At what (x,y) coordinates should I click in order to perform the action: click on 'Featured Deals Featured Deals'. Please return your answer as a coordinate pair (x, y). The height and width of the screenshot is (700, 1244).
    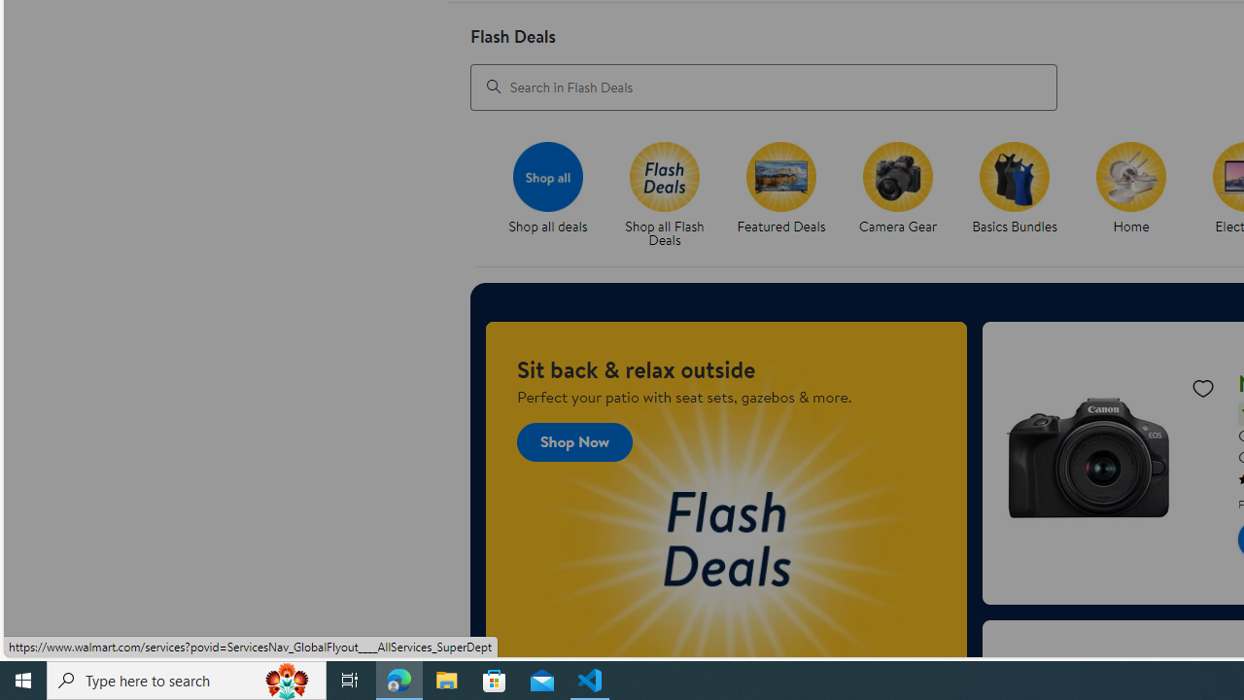
    Looking at the image, I should click on (781, 189).